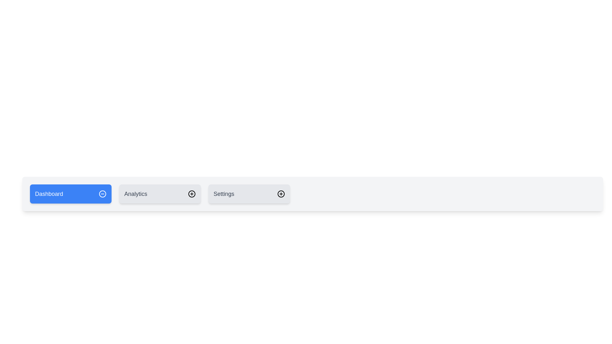 The height and width of the screenshot is (344, 612). Describe the element at coordinates (281, 194) in the screenshot. I see `the outer circular boundary of the 'circle-plus' icon in the 'Settings' button located in the navigation bar` at that location.